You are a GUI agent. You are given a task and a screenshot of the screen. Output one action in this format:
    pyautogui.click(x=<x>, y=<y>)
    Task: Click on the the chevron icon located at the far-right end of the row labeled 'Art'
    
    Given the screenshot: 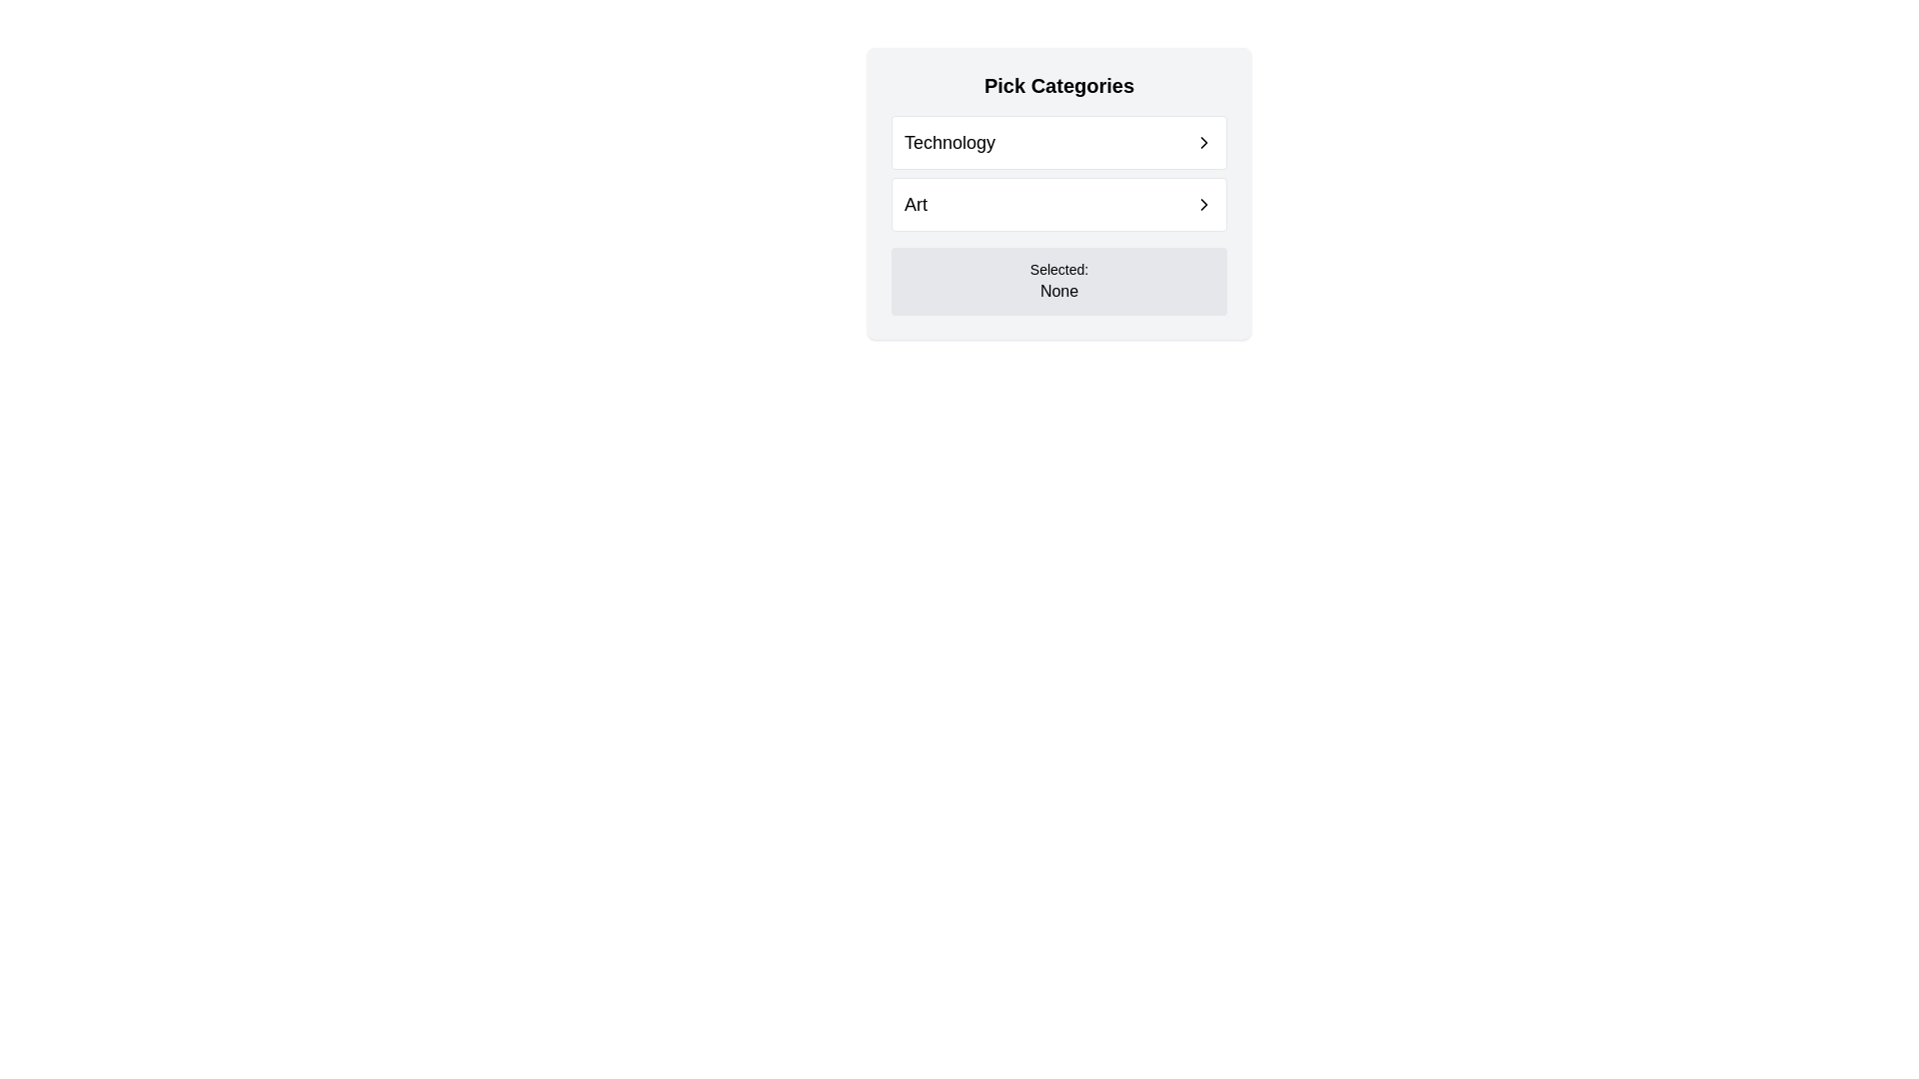 What is the action you would take?
    pyautogui.click(x=1202, y=204)
    